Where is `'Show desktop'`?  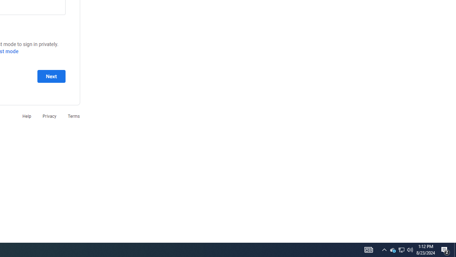
'Show desktop' is located at coordinates (455, 249).